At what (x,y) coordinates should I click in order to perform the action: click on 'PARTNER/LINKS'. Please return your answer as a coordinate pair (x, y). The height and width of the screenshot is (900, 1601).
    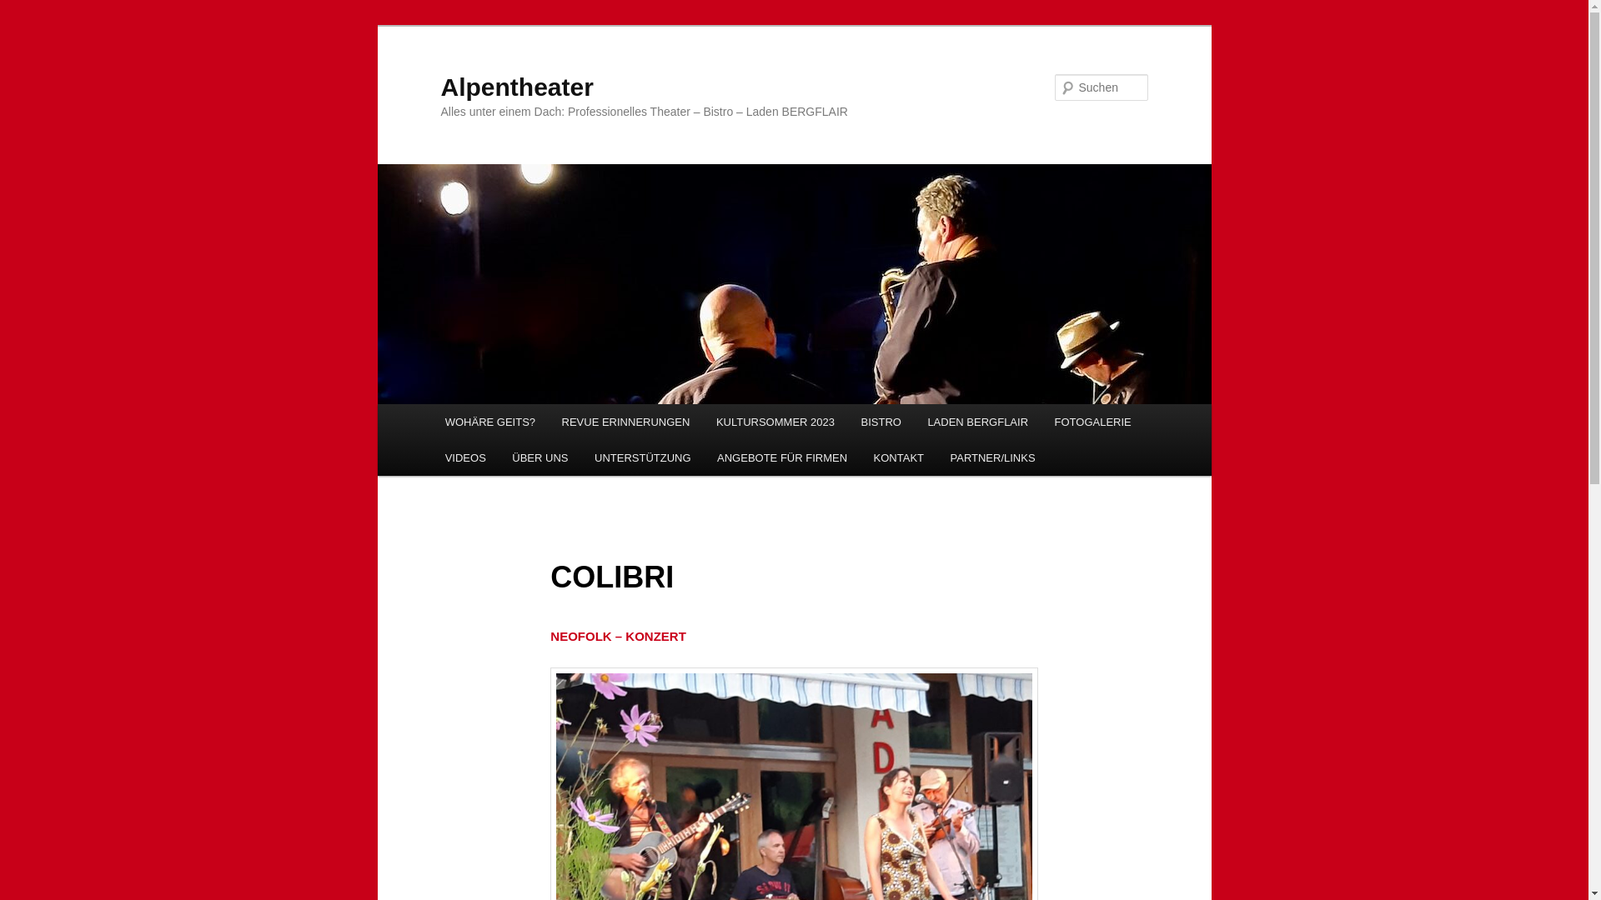
    Looking at the image, I should click on (992, 457).